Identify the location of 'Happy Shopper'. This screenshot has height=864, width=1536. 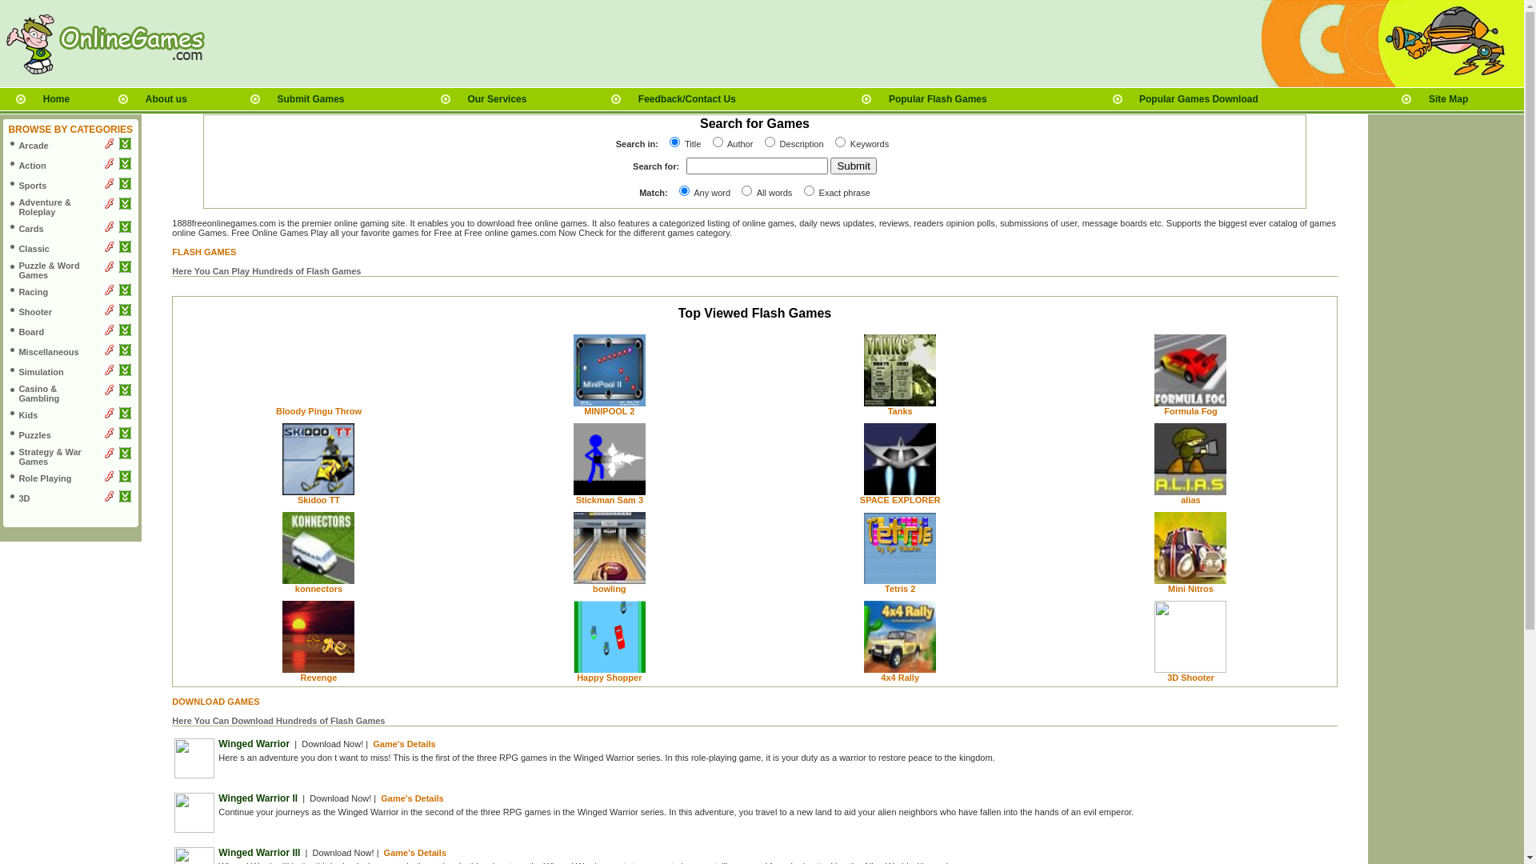
(576, 678).